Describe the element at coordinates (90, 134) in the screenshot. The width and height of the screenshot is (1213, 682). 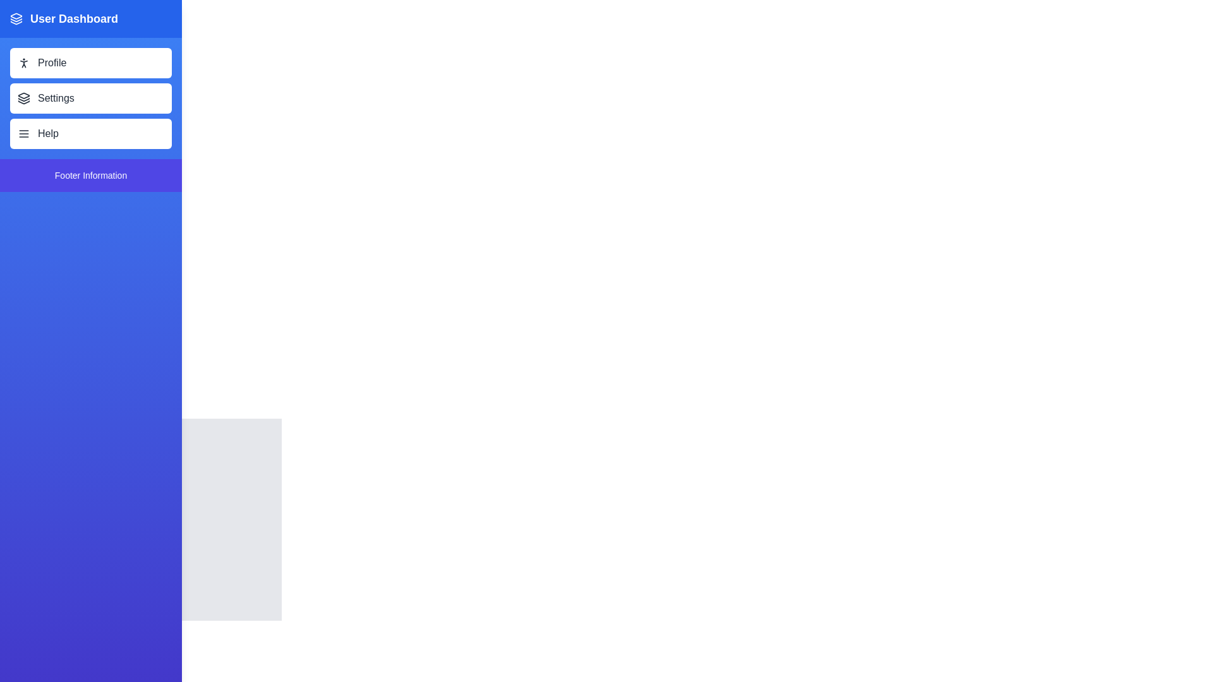
I see `the 'Help' button, the third button in the vertically stacked menu under 'Settings' in the 'Profile Settings Help' section` at that location.